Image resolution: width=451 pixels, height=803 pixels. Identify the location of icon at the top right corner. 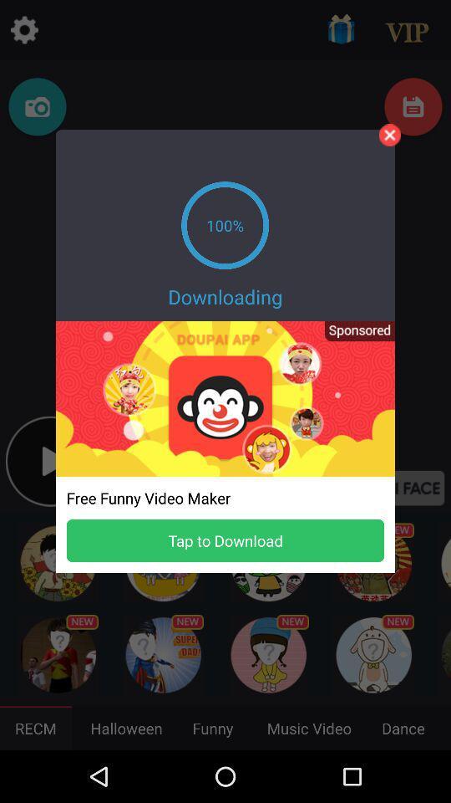
(389, 134).